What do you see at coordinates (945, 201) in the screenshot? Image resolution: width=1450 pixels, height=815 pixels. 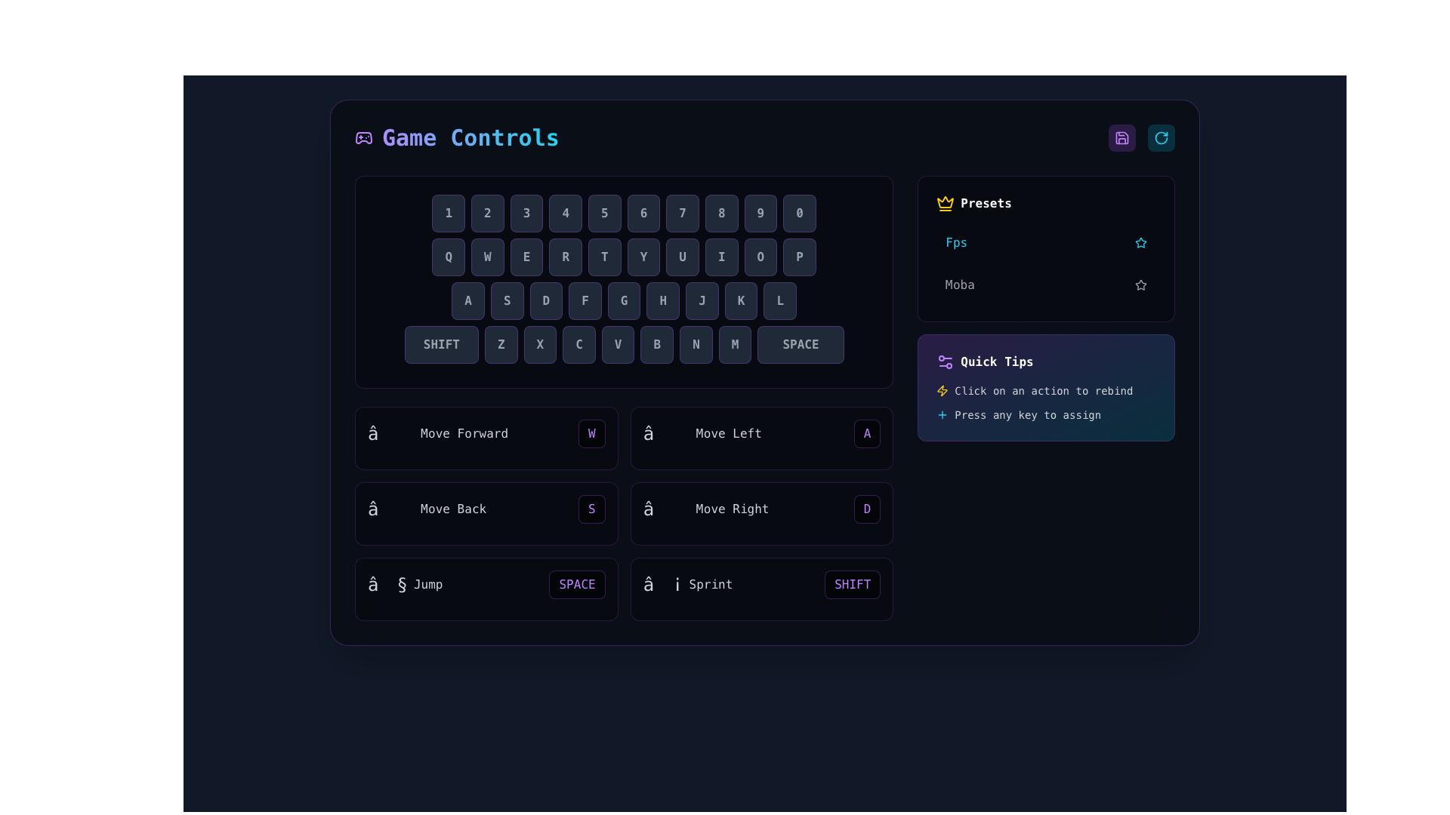 I see `the icon representing the 'Presets' section, located at the top-left corner of this section alongside the label 'Presets'` at bounding box center [945, 201].